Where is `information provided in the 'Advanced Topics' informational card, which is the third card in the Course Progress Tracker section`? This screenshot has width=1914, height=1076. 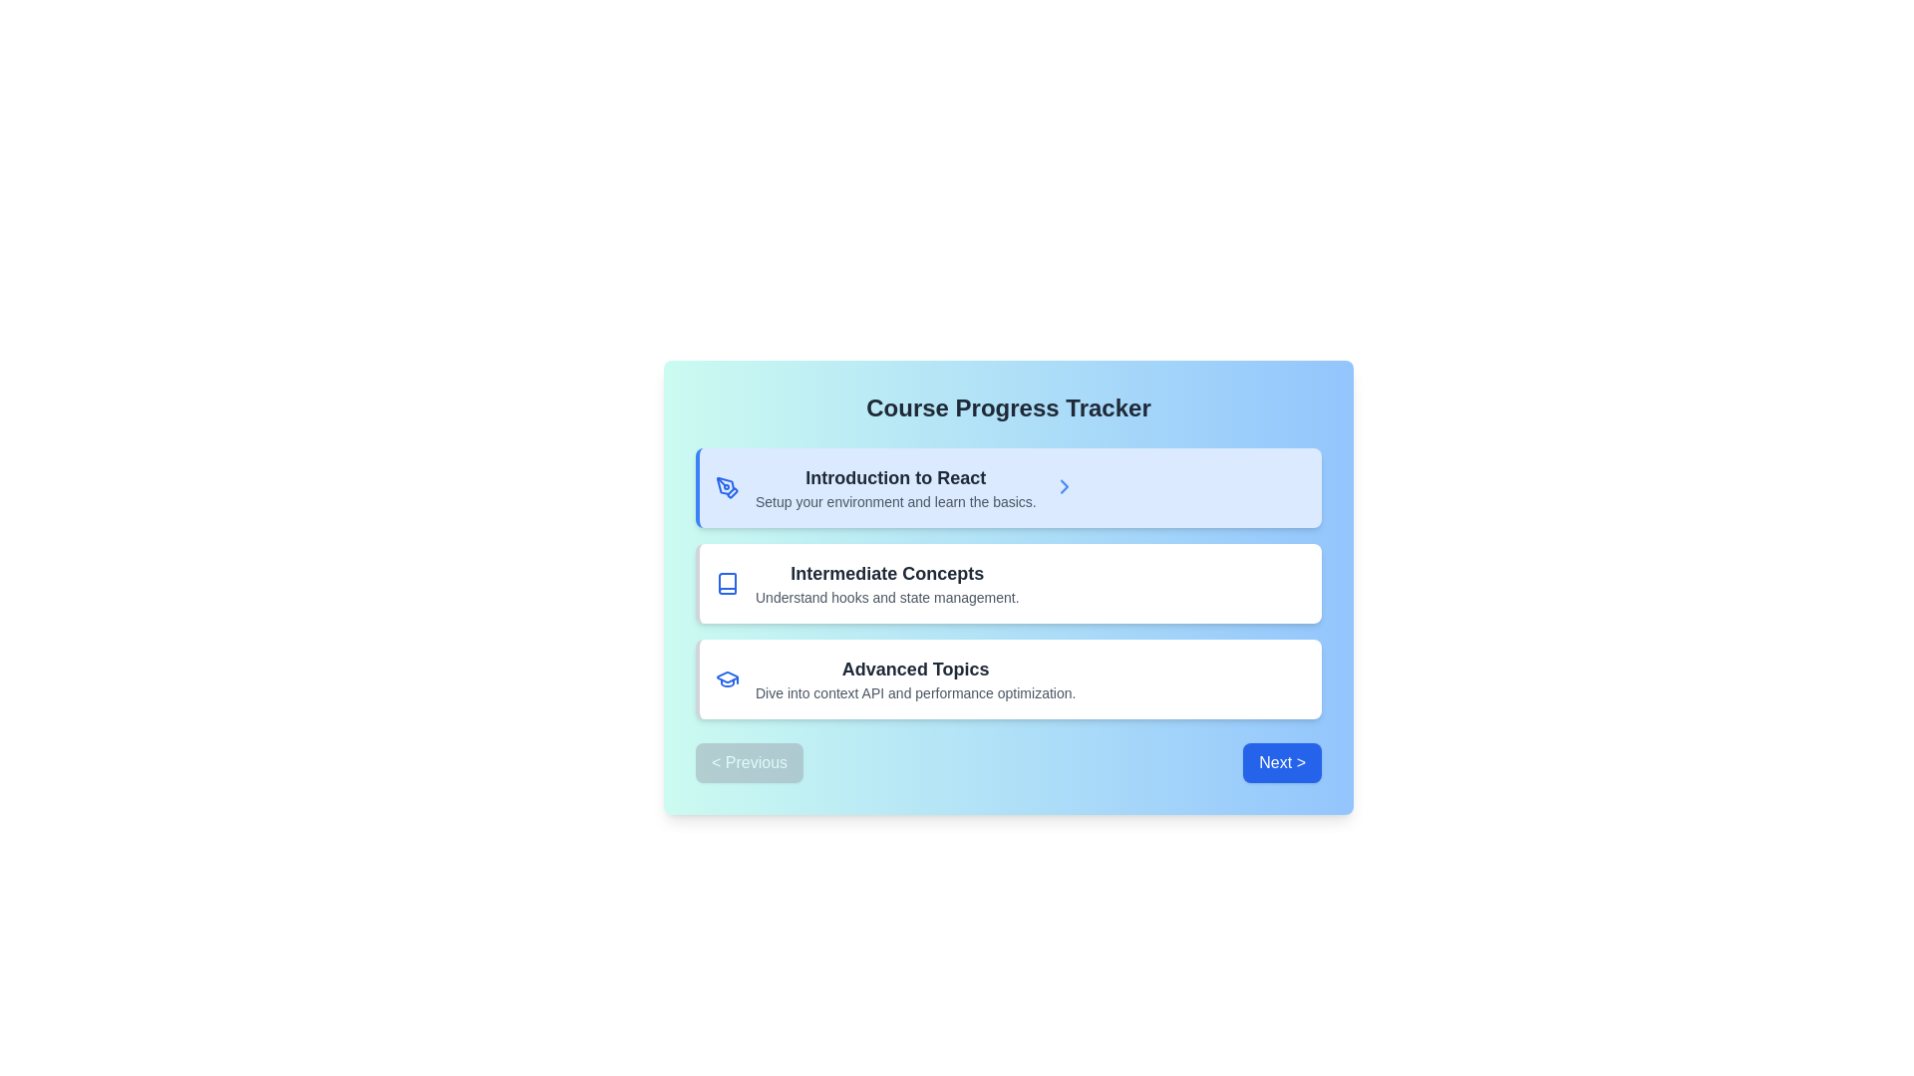 information provided in the 'Advanced Topics' informational card, which is the third card in the Course Progress Tracker section is located at coordinates (1009, 678).